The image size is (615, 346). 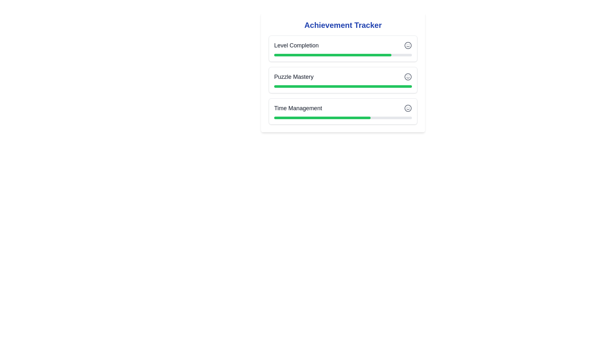 I want to click on the green-colored progress bar with rounded corners in the 'Achievement Tracker' interface, associated with the 'Level Completion' label, so click(x=332, y=55).